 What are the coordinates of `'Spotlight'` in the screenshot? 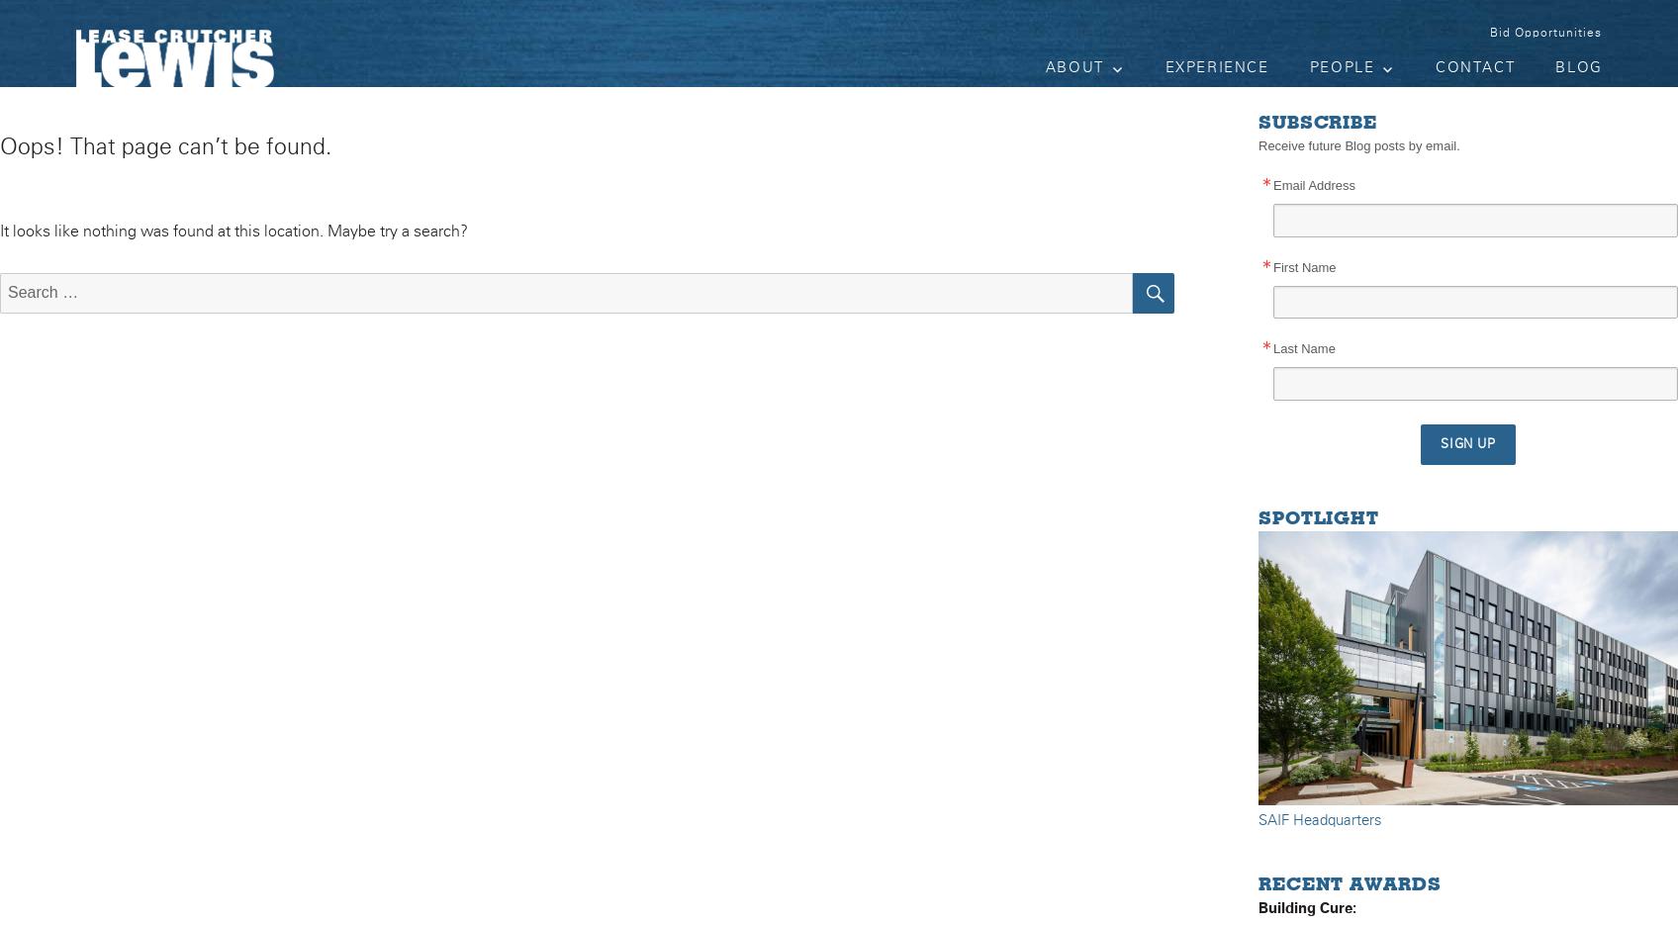 It's located at (1318, 516).